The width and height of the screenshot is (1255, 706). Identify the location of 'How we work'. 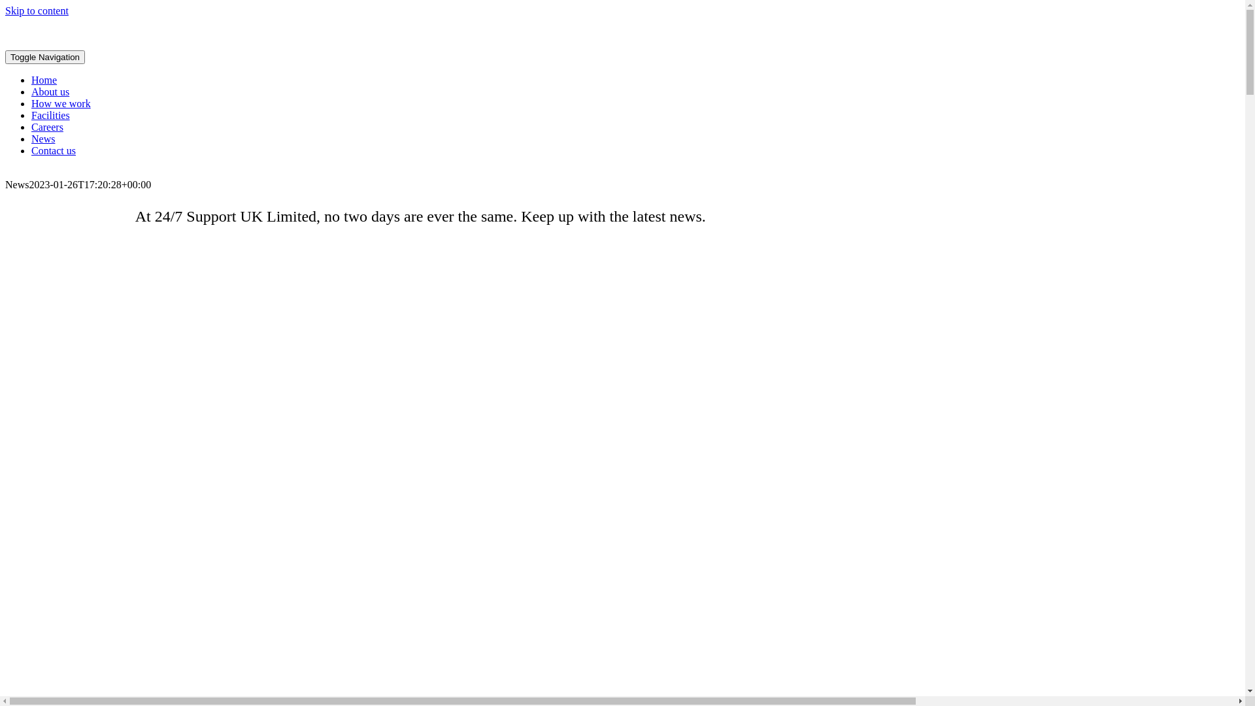
(60, 103).